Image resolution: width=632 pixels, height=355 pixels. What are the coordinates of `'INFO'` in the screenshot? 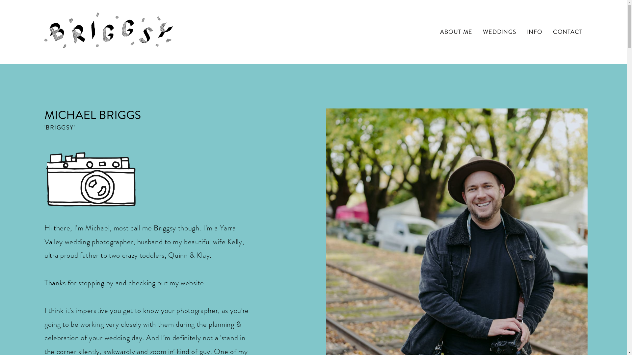 It's located at (535, 32).